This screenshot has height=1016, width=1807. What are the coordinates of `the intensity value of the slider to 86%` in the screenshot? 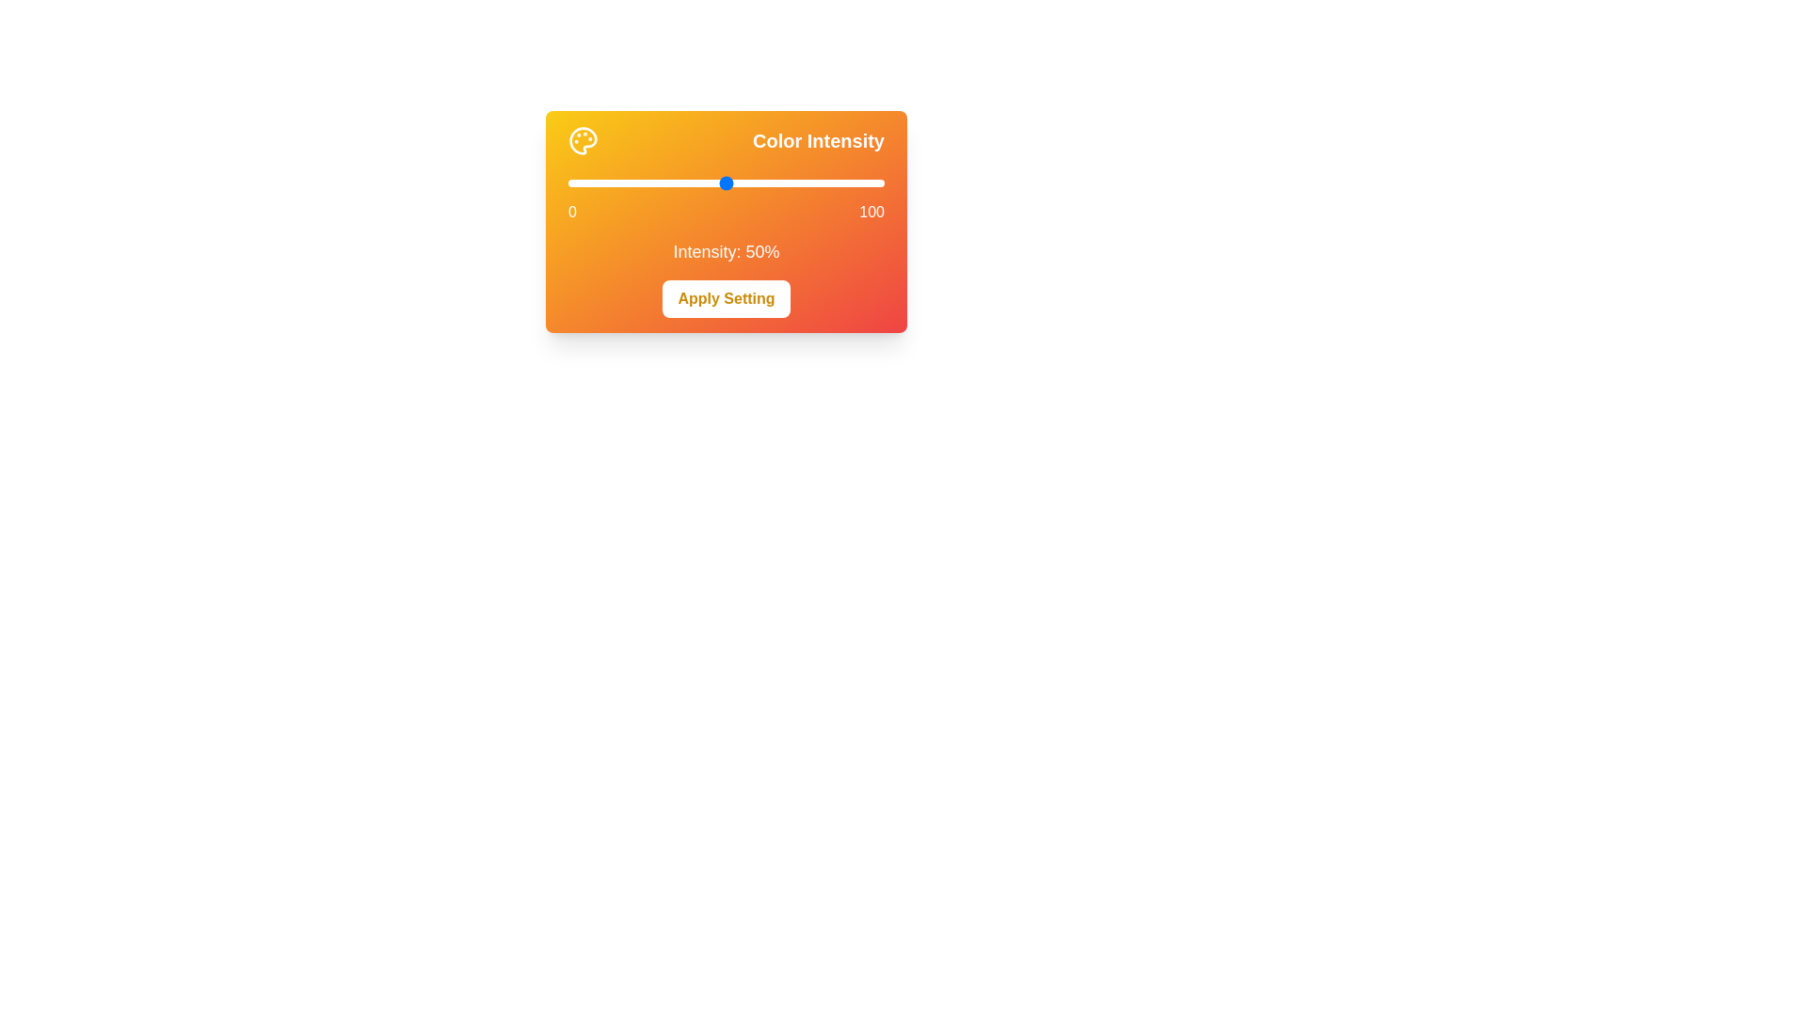 It's located at (839, 183).